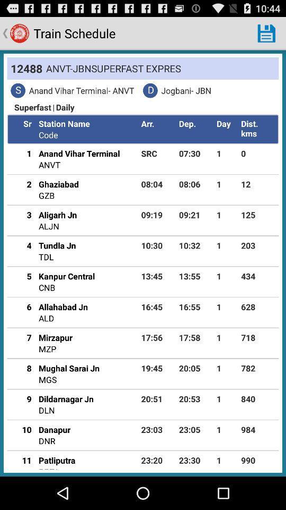  Describe the element at coordinates (257, 214) in the screenshot. I see `the 125` at that location.